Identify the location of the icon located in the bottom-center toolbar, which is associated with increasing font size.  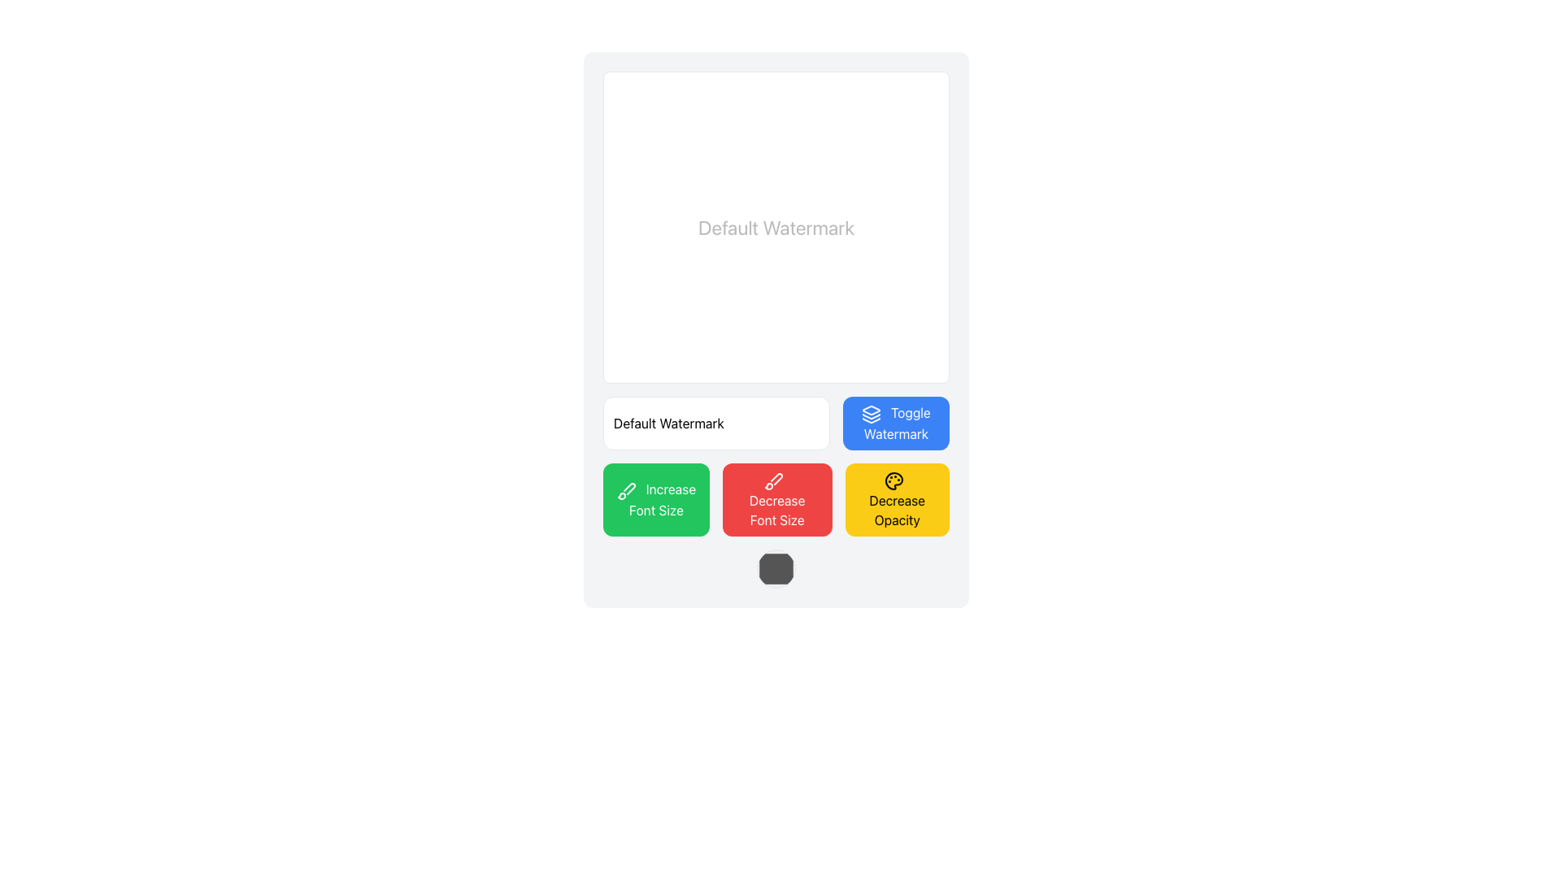
(628, 488).